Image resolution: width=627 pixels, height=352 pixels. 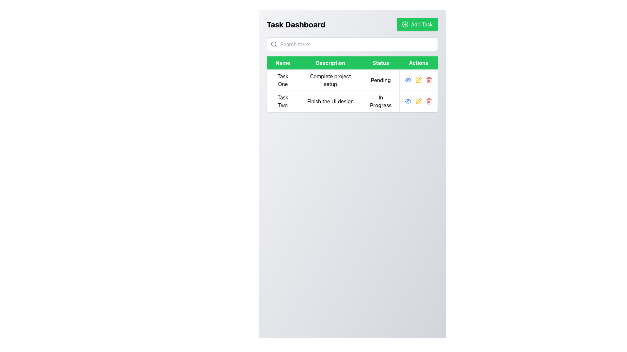 I want to click on the static text field in the 'Description' column of the task management table that describes the task 'Finish the UI design', located in the second row and second column, so click(x=330, y=101).